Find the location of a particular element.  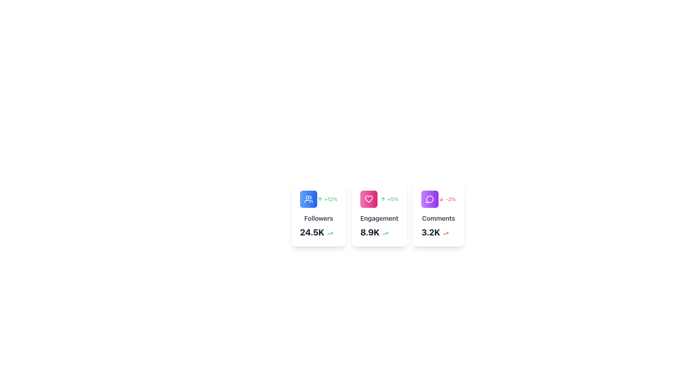

displayed text '24.5K' from the bold text indicator located beneath the 'Followers' label, which is the leftmost among three horizontal statistic indicators is located at coordinates (312, 232).